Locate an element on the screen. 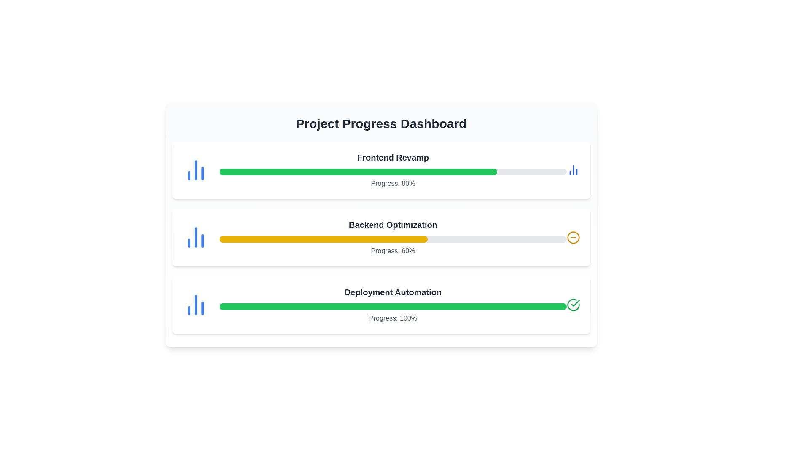 This screenshot has height=455, width=809. text content of the descriptive text label indicating the completion status of a task or project as 100%, which is located below the progress bar and the title 'Deployment Automation' is located at coordinates (392, 318).